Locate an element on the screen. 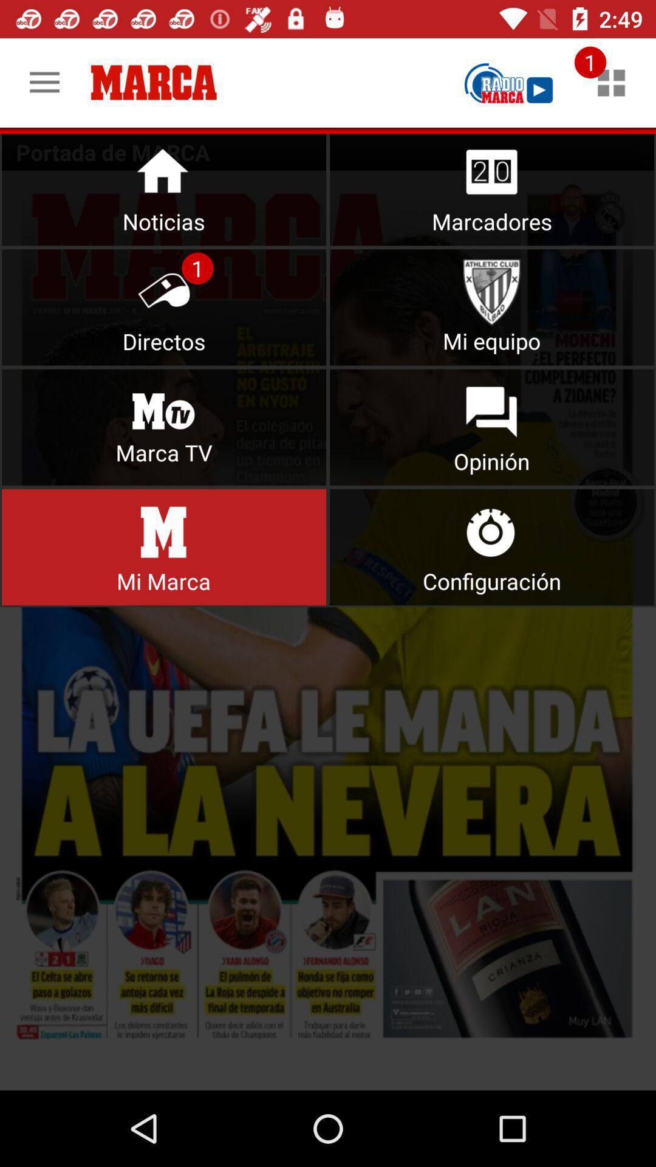 The image size is (656, 1167). open scores is located at coordinates (492, 187).